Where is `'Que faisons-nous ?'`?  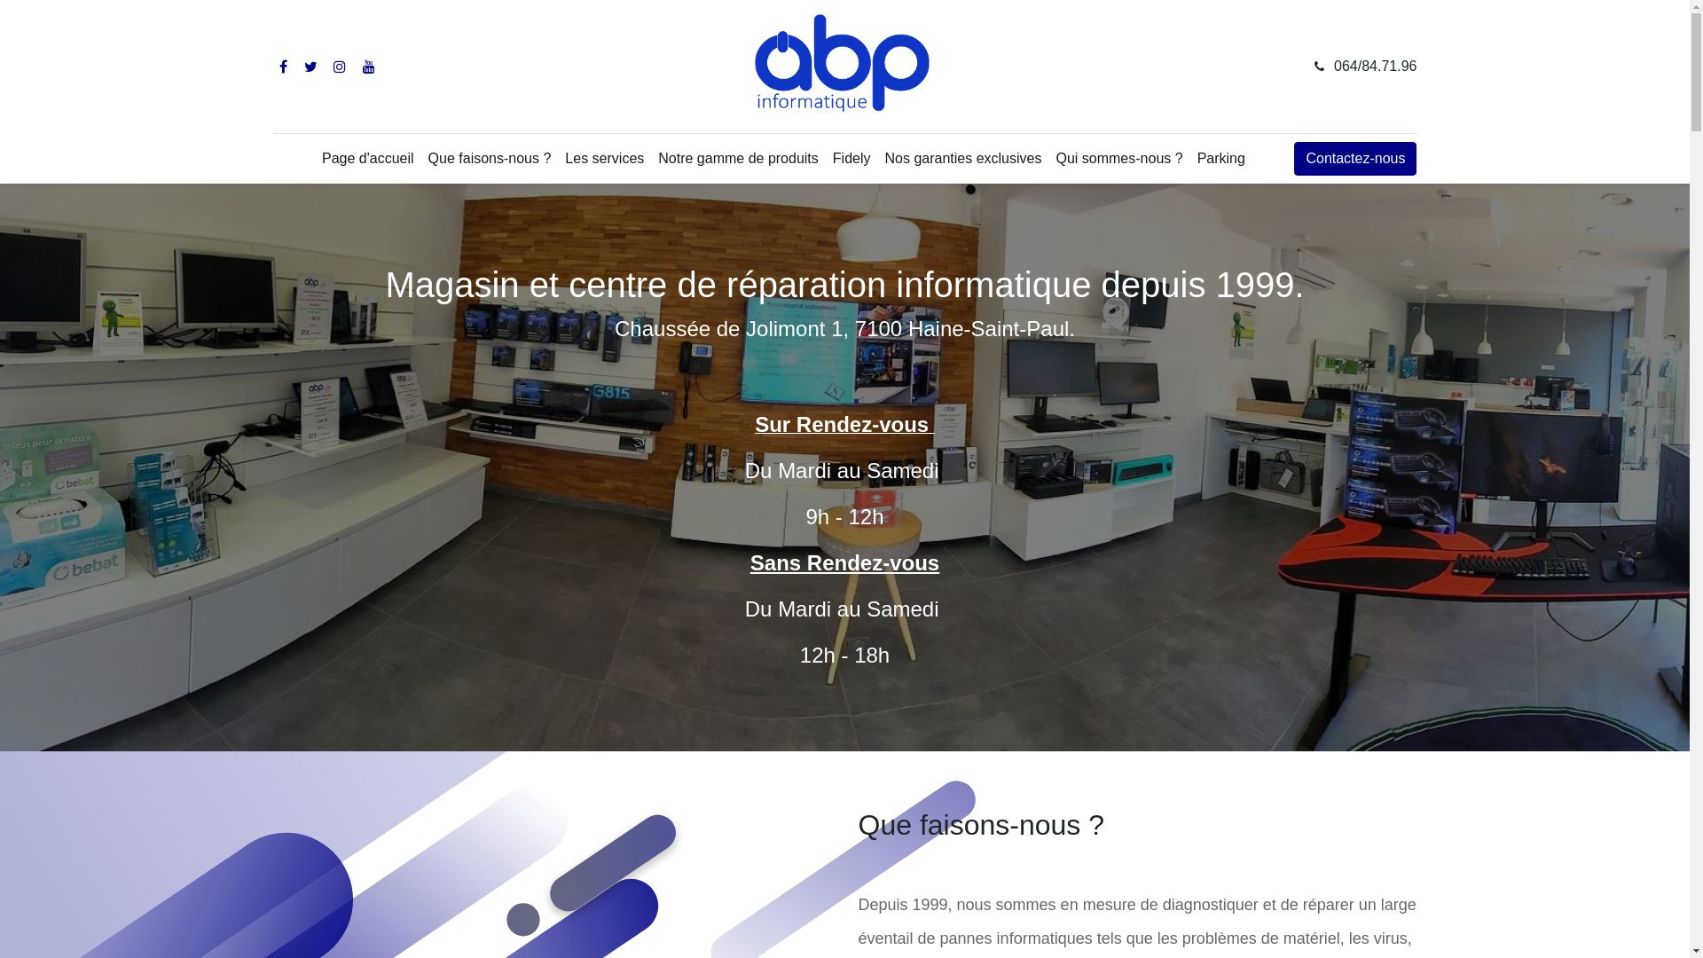 'Que faisons-nous ?' is located at coordinates (490, 157).